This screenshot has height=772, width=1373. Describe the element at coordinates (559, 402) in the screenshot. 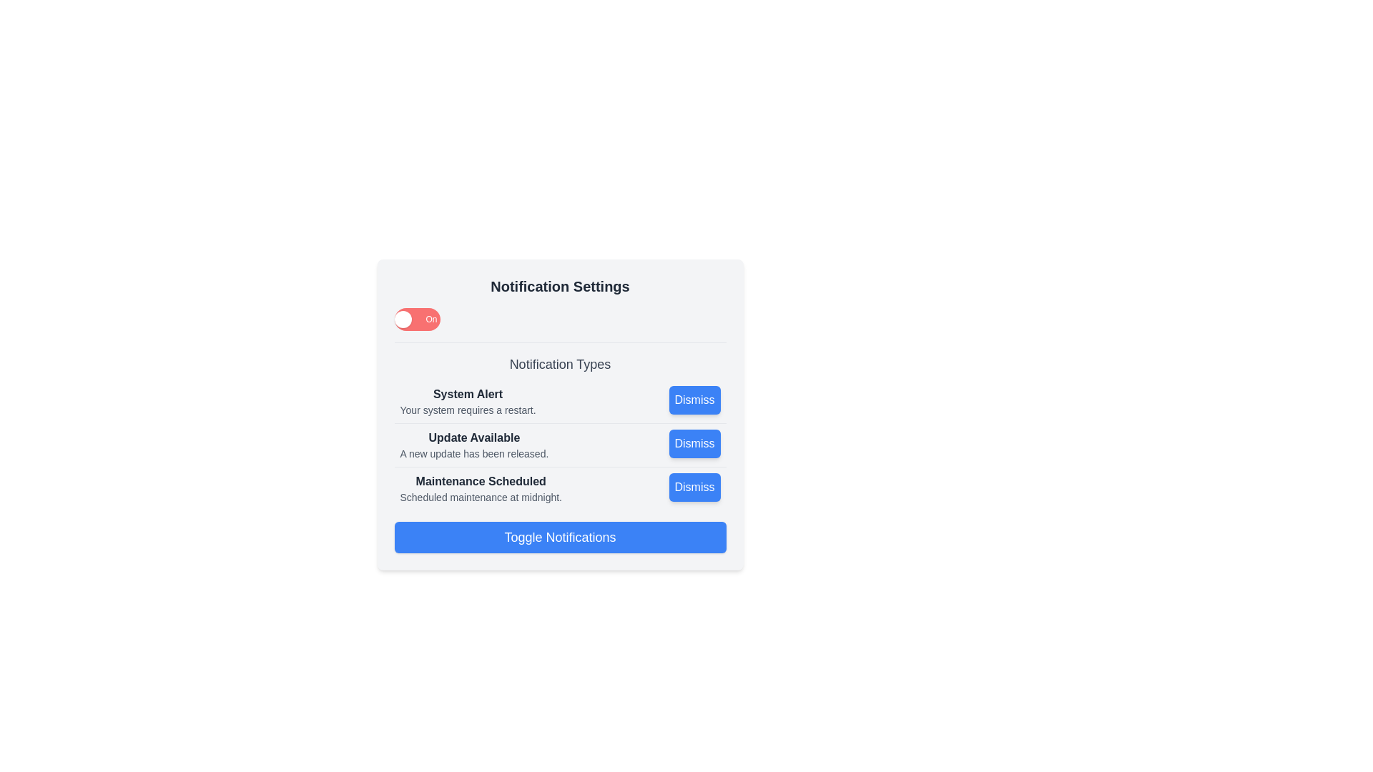

I see `the Notification item that notifies the user of a required system restart` at that location.